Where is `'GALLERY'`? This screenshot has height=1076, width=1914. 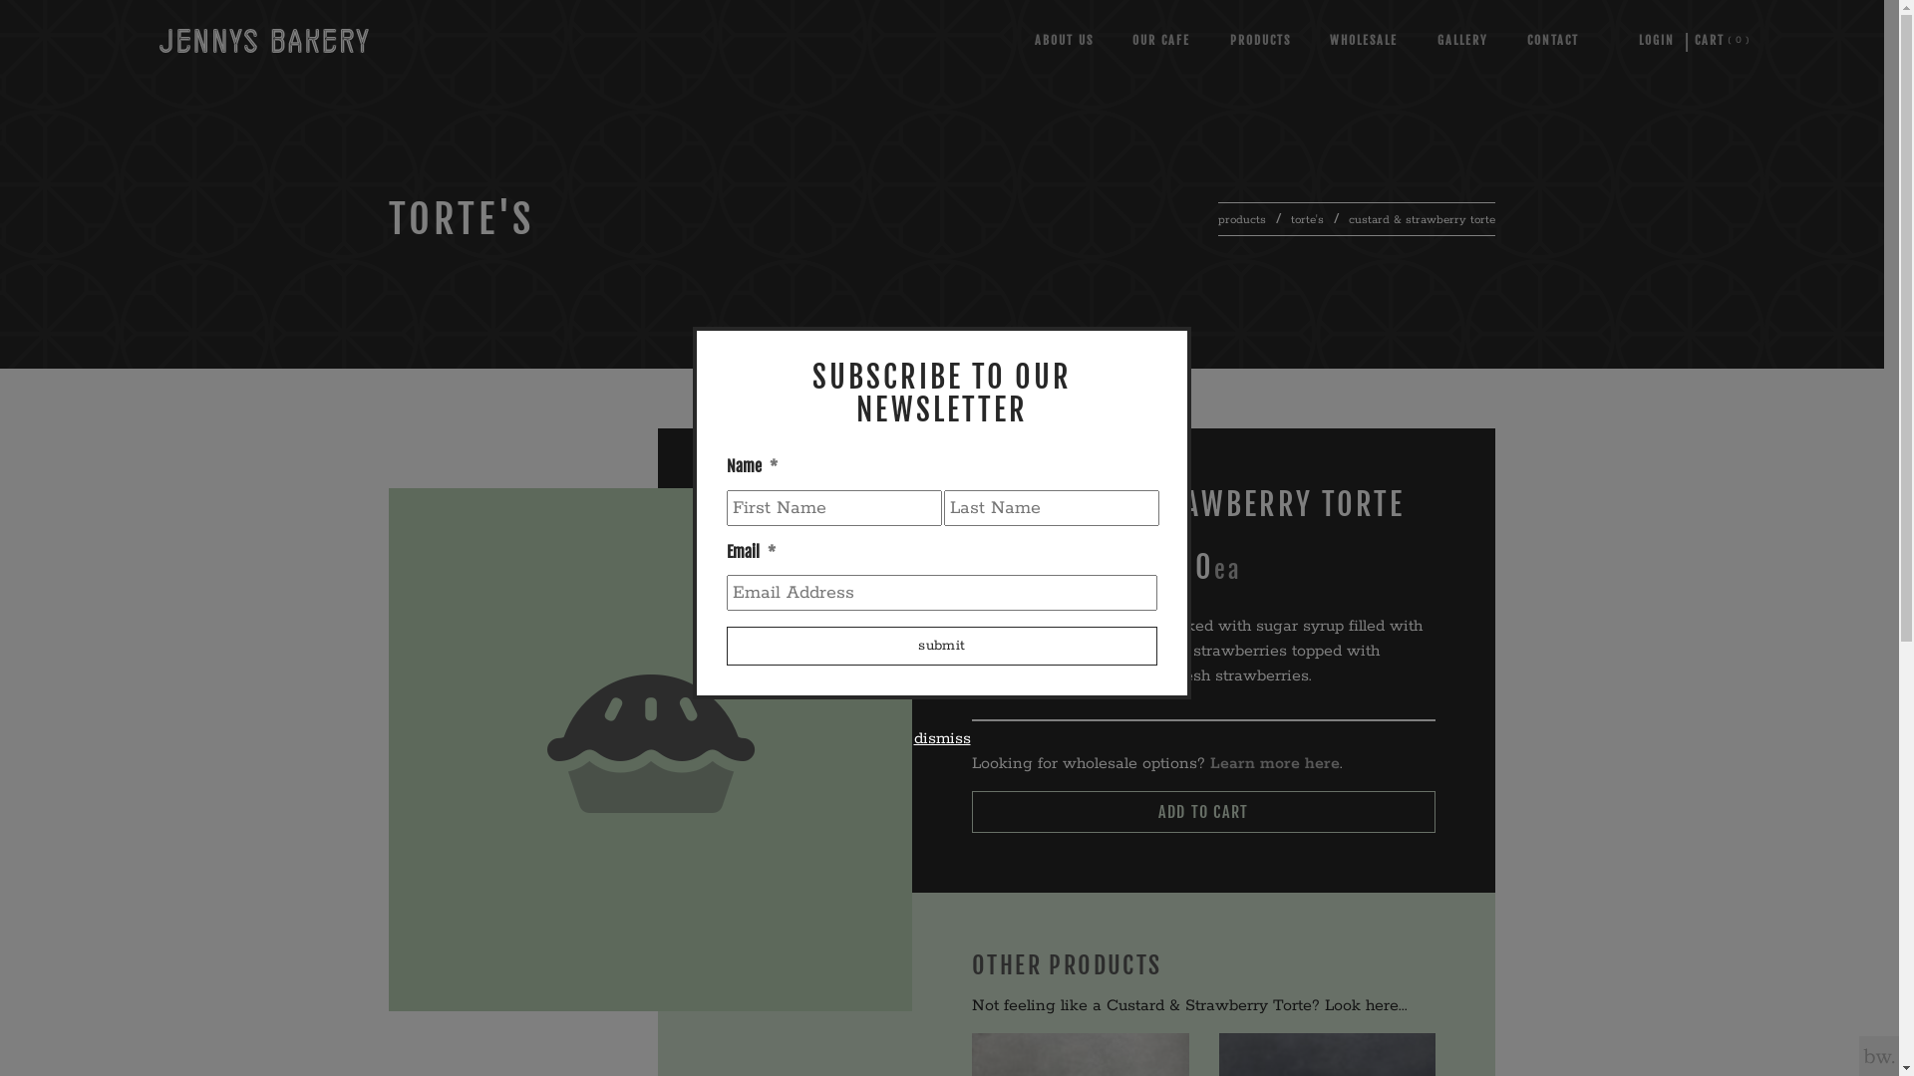 'GALLERY' is located at coordinates (1462, 40).